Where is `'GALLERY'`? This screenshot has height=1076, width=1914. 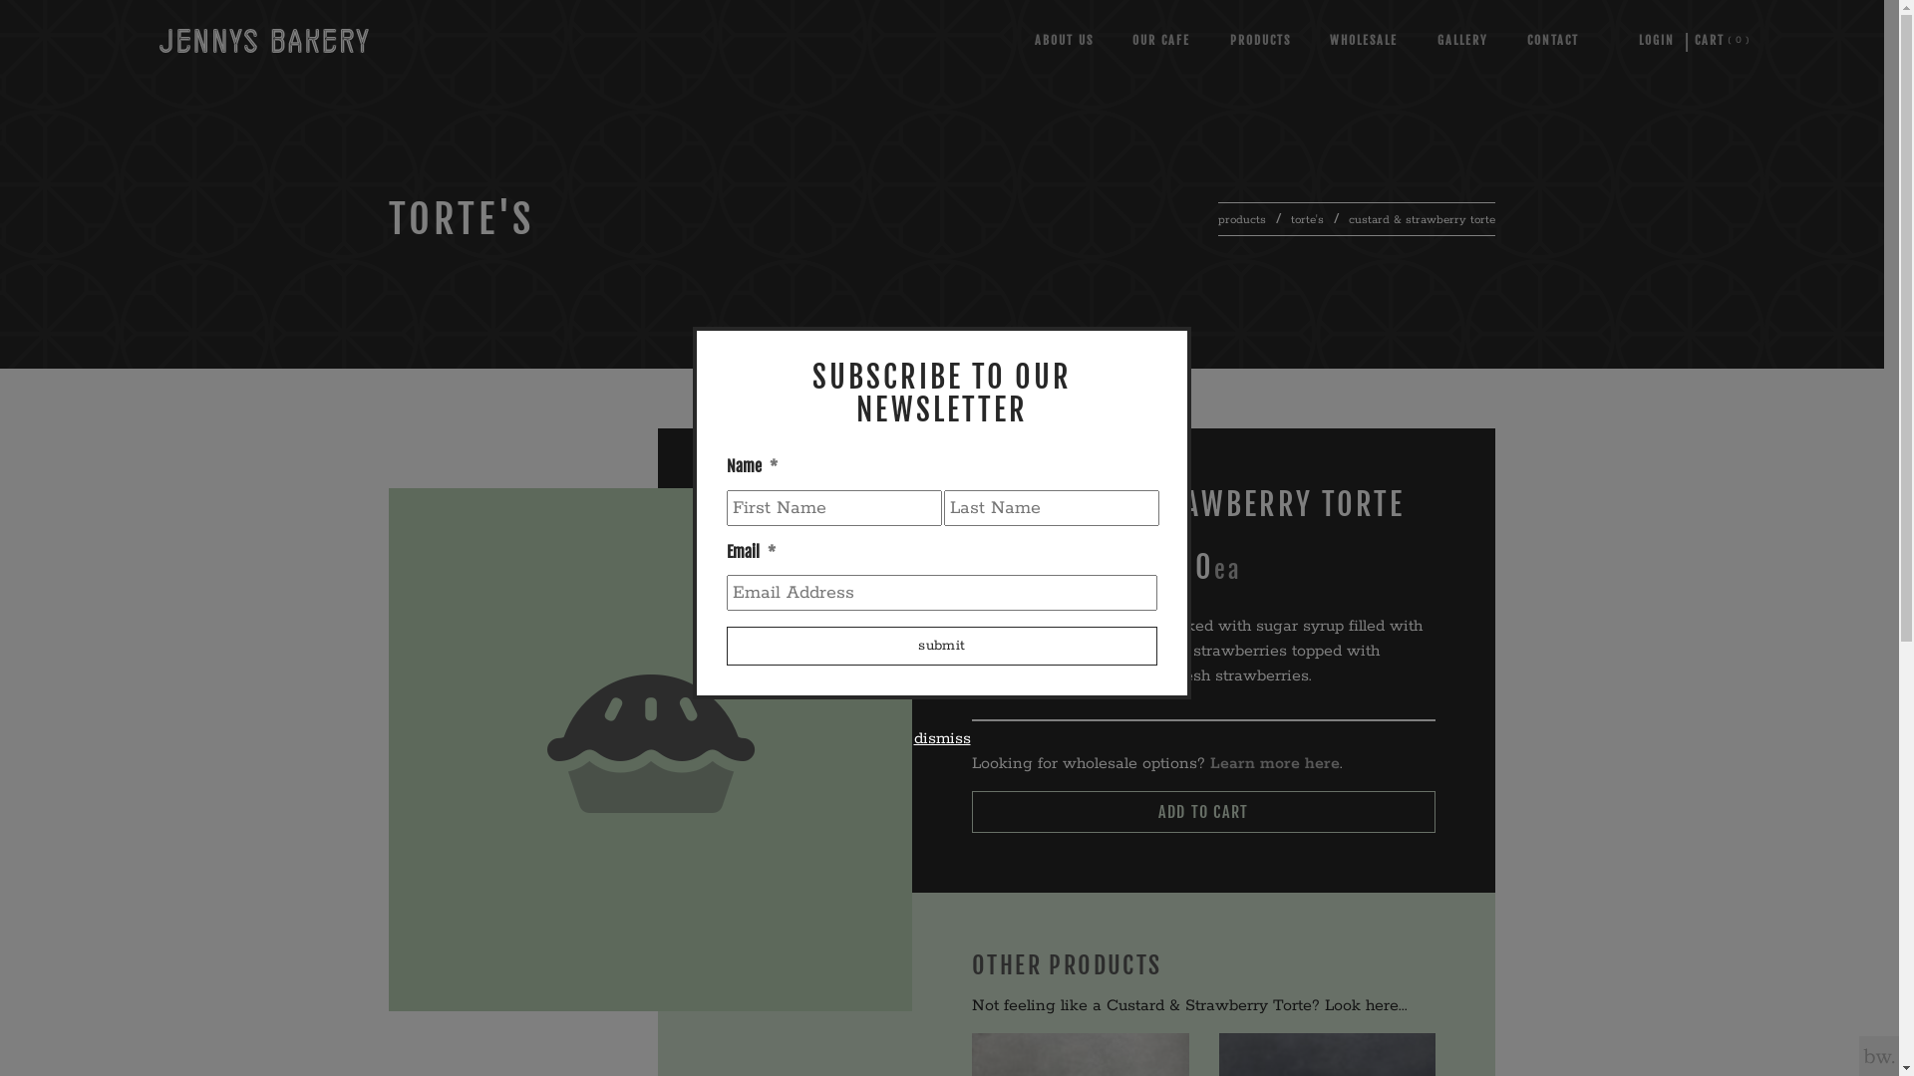 'GALLERY' is located at coordinates (1462, 40).